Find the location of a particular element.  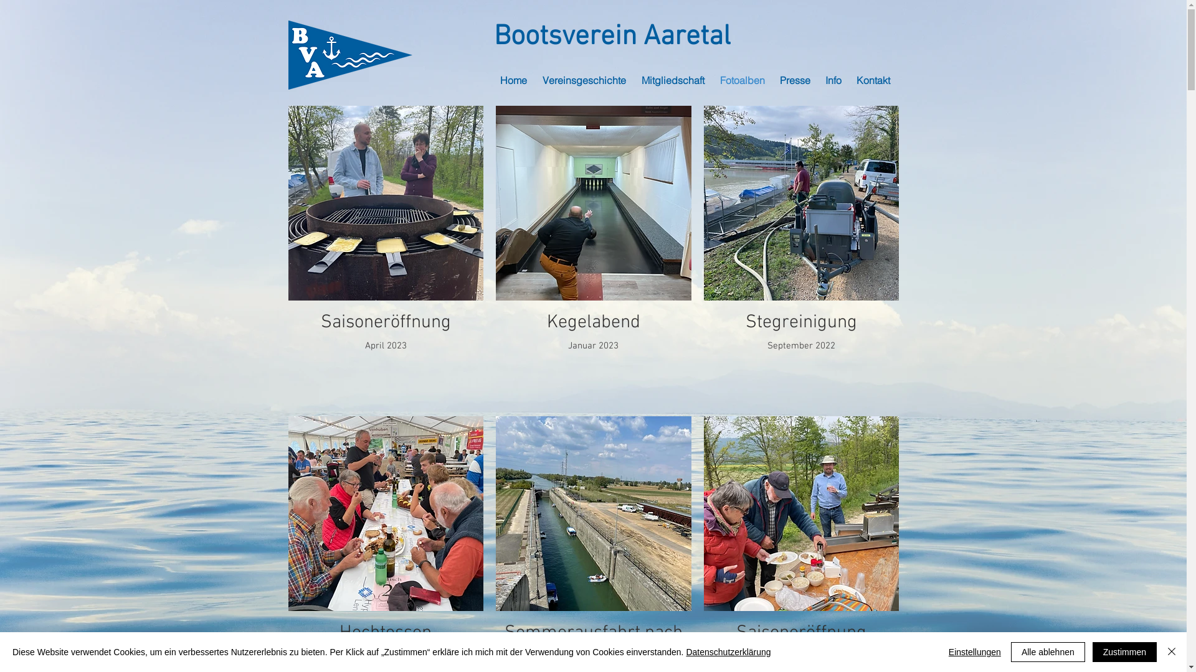

'Zustimmen' is located at coordinates (1124, 651).